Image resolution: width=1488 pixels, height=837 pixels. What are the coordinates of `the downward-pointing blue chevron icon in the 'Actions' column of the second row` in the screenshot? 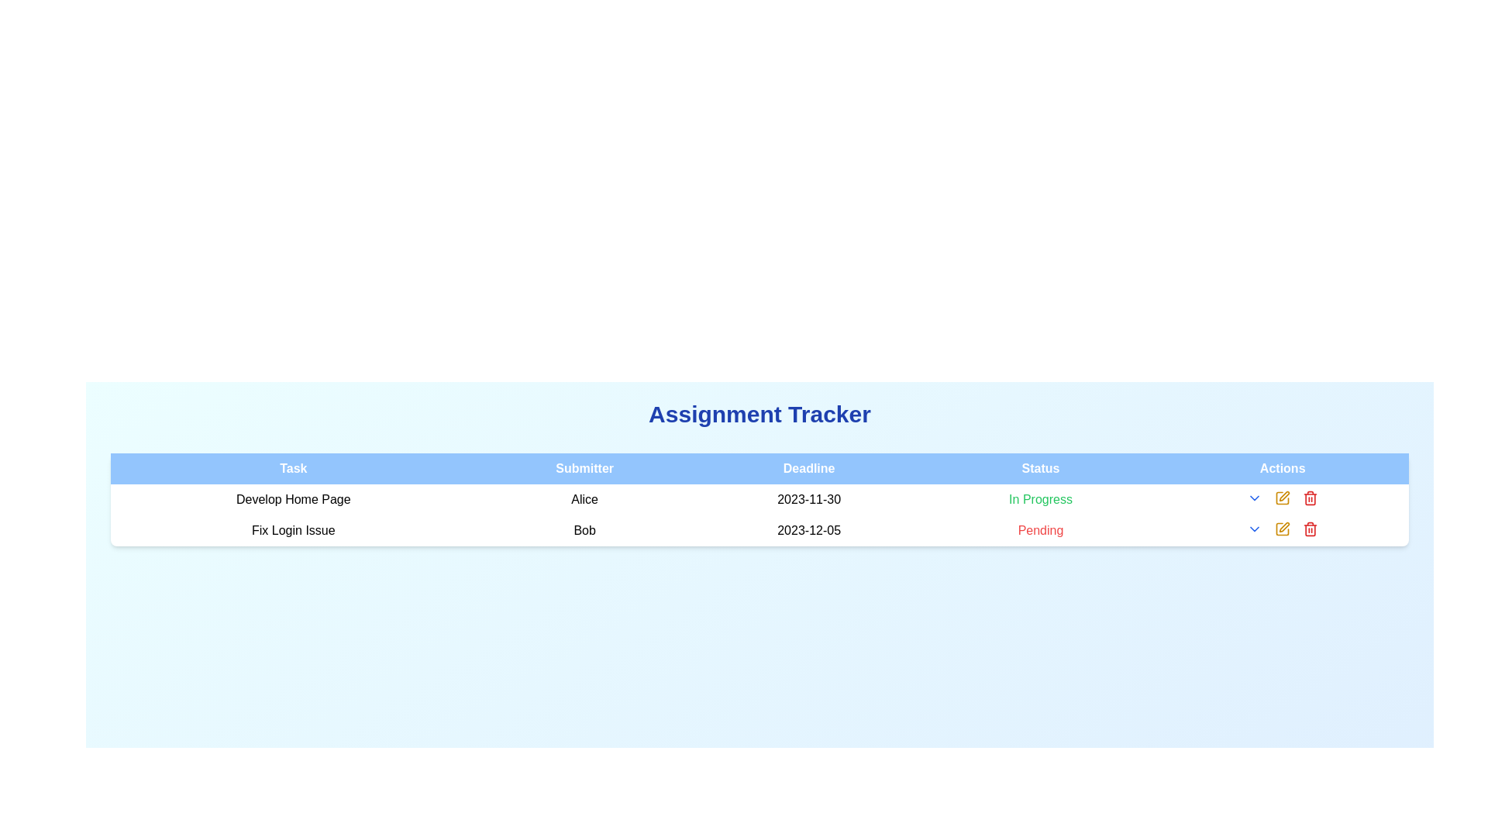 It's located at (1255, 528).